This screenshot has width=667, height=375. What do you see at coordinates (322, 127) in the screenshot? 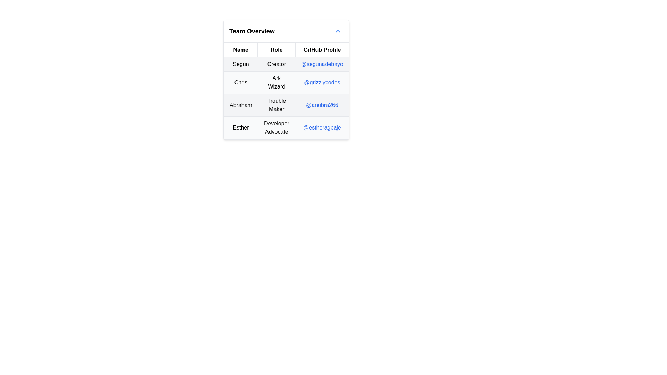
I see `the interactive hyperlink button located under the 'GitHub Profile' heading in the fourth row's third column` at bounding box center [322, 127].